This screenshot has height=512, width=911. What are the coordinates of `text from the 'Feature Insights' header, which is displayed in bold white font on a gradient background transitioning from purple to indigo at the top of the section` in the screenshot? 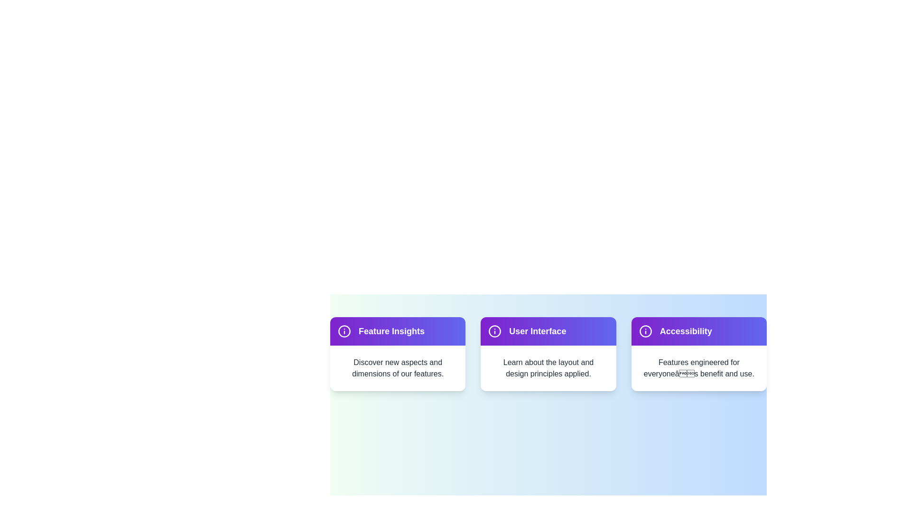 It's located at (398, 330).